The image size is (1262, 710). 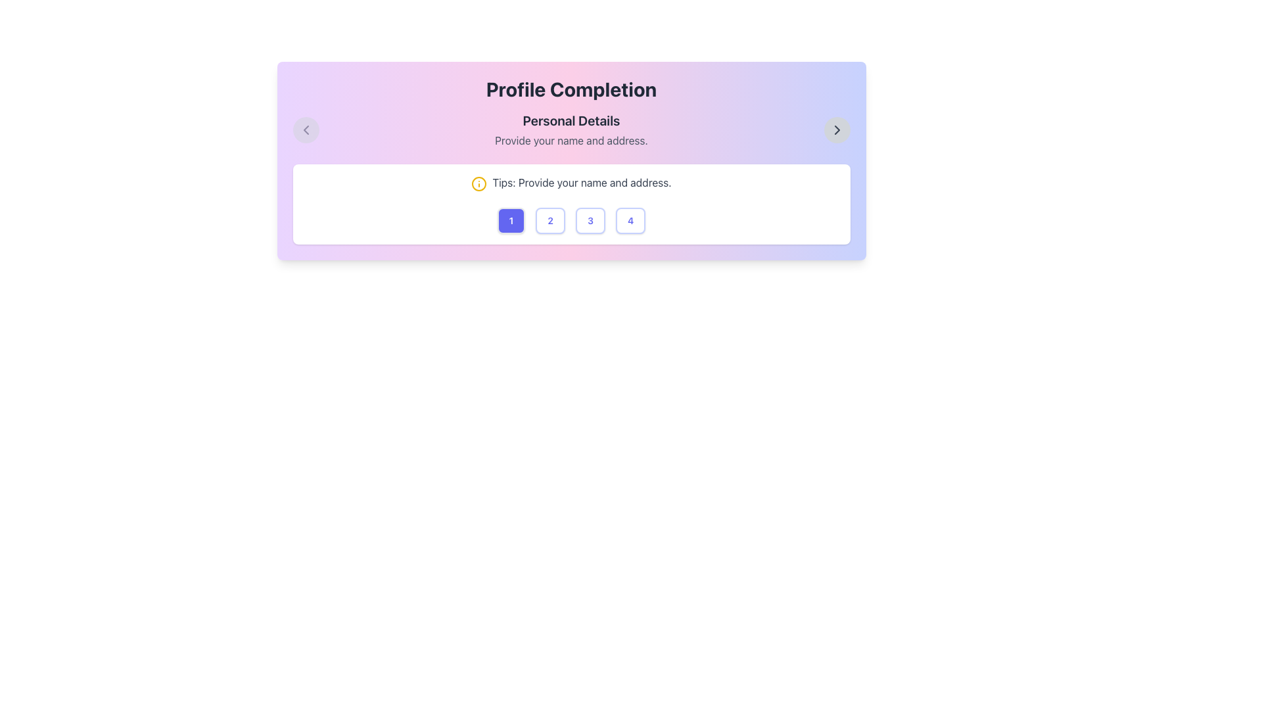 What do you see at coordinates (305, 130) in the screenshot?
I see `the left arrow SVG icon, which is a minimalist navigation control located within a circular button on the left side of the interface, to receive additional information or visual feedback` at bounding box center [305, 130].